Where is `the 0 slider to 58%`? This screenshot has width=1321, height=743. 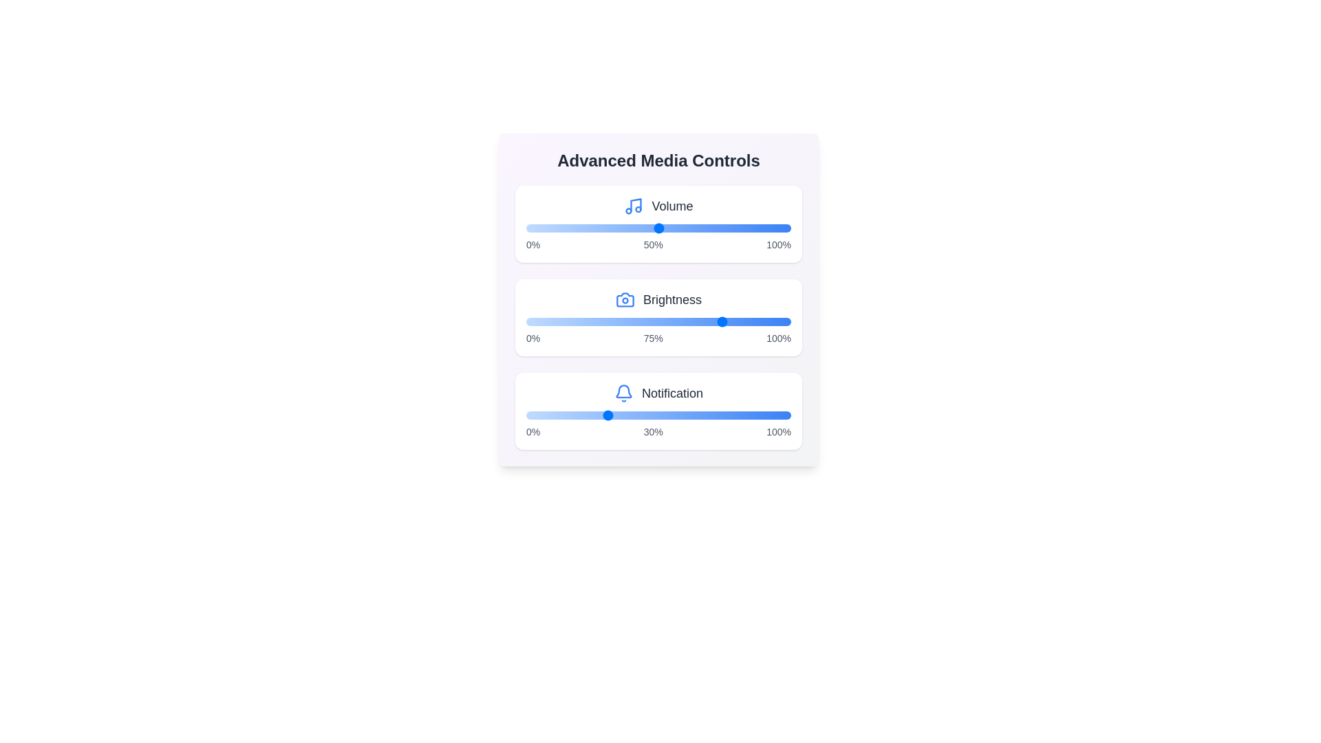 the 0 slider to 58% is located at coordinates (735, 227).